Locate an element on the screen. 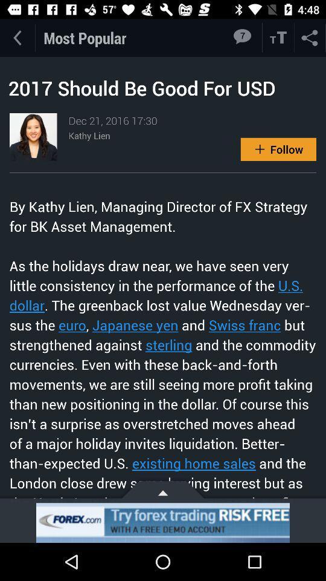 This screenshot has height=581, width=326. follow is located at coordinates (278, 148).